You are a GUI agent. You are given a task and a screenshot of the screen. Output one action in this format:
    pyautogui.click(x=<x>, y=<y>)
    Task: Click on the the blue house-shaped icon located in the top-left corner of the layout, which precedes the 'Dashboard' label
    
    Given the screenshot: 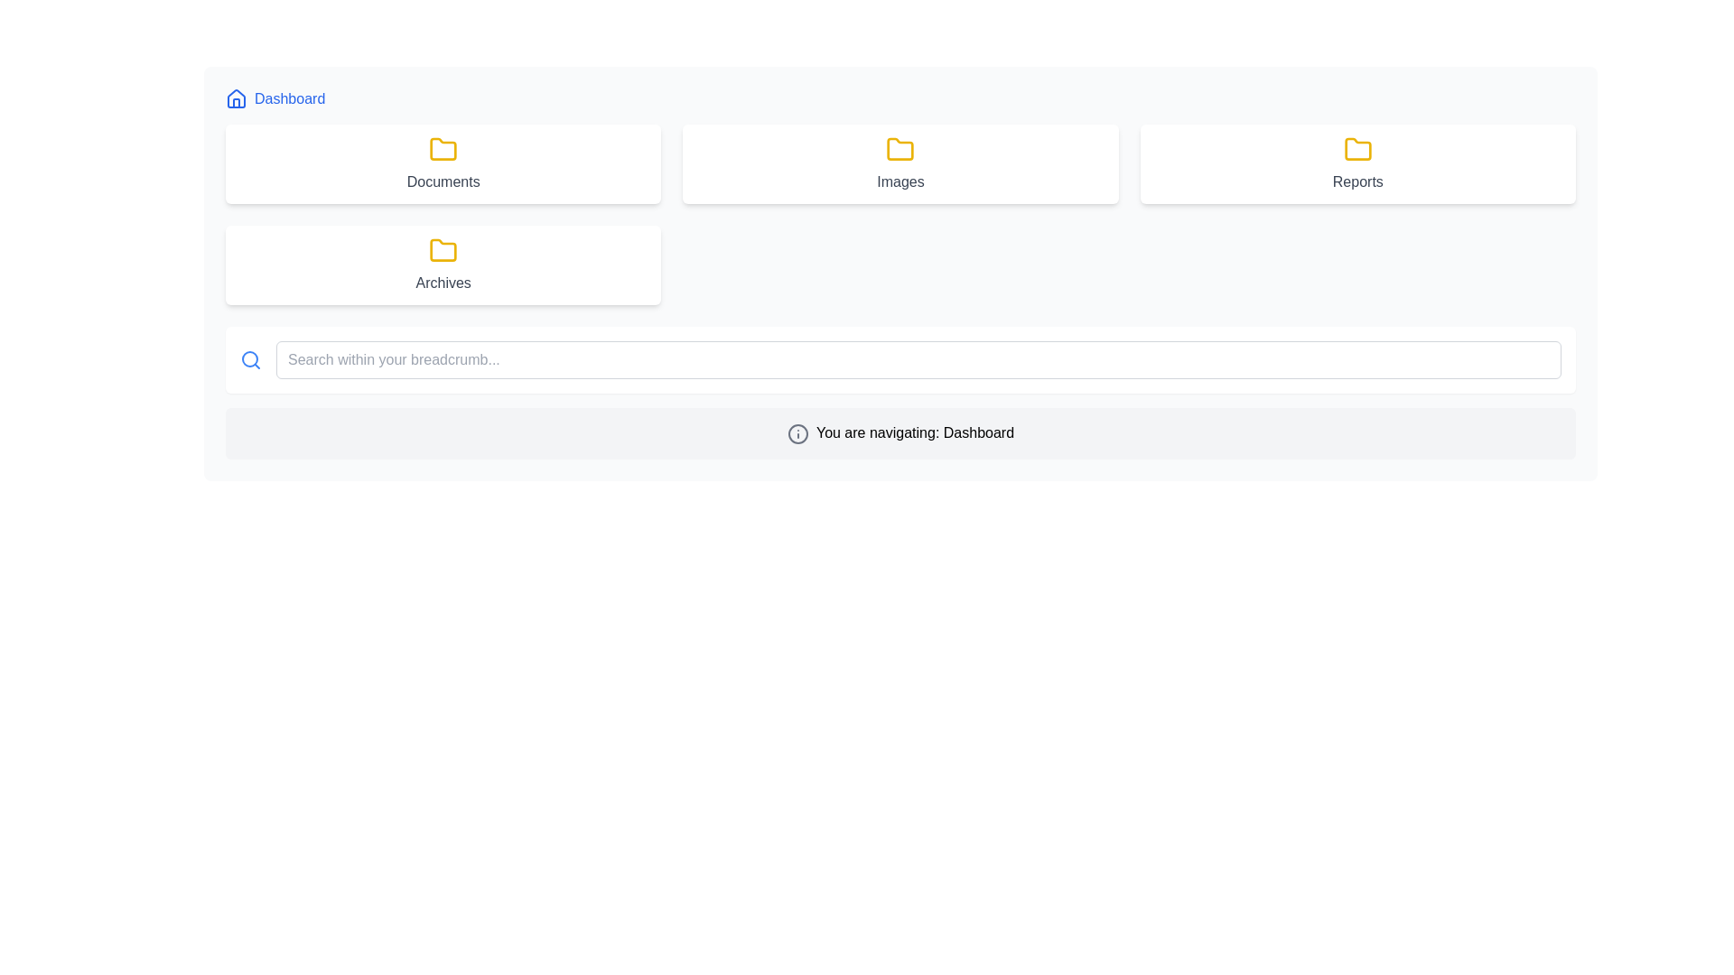 What is the action you would take?
    pyautogui.click(x=236, y=99)
    